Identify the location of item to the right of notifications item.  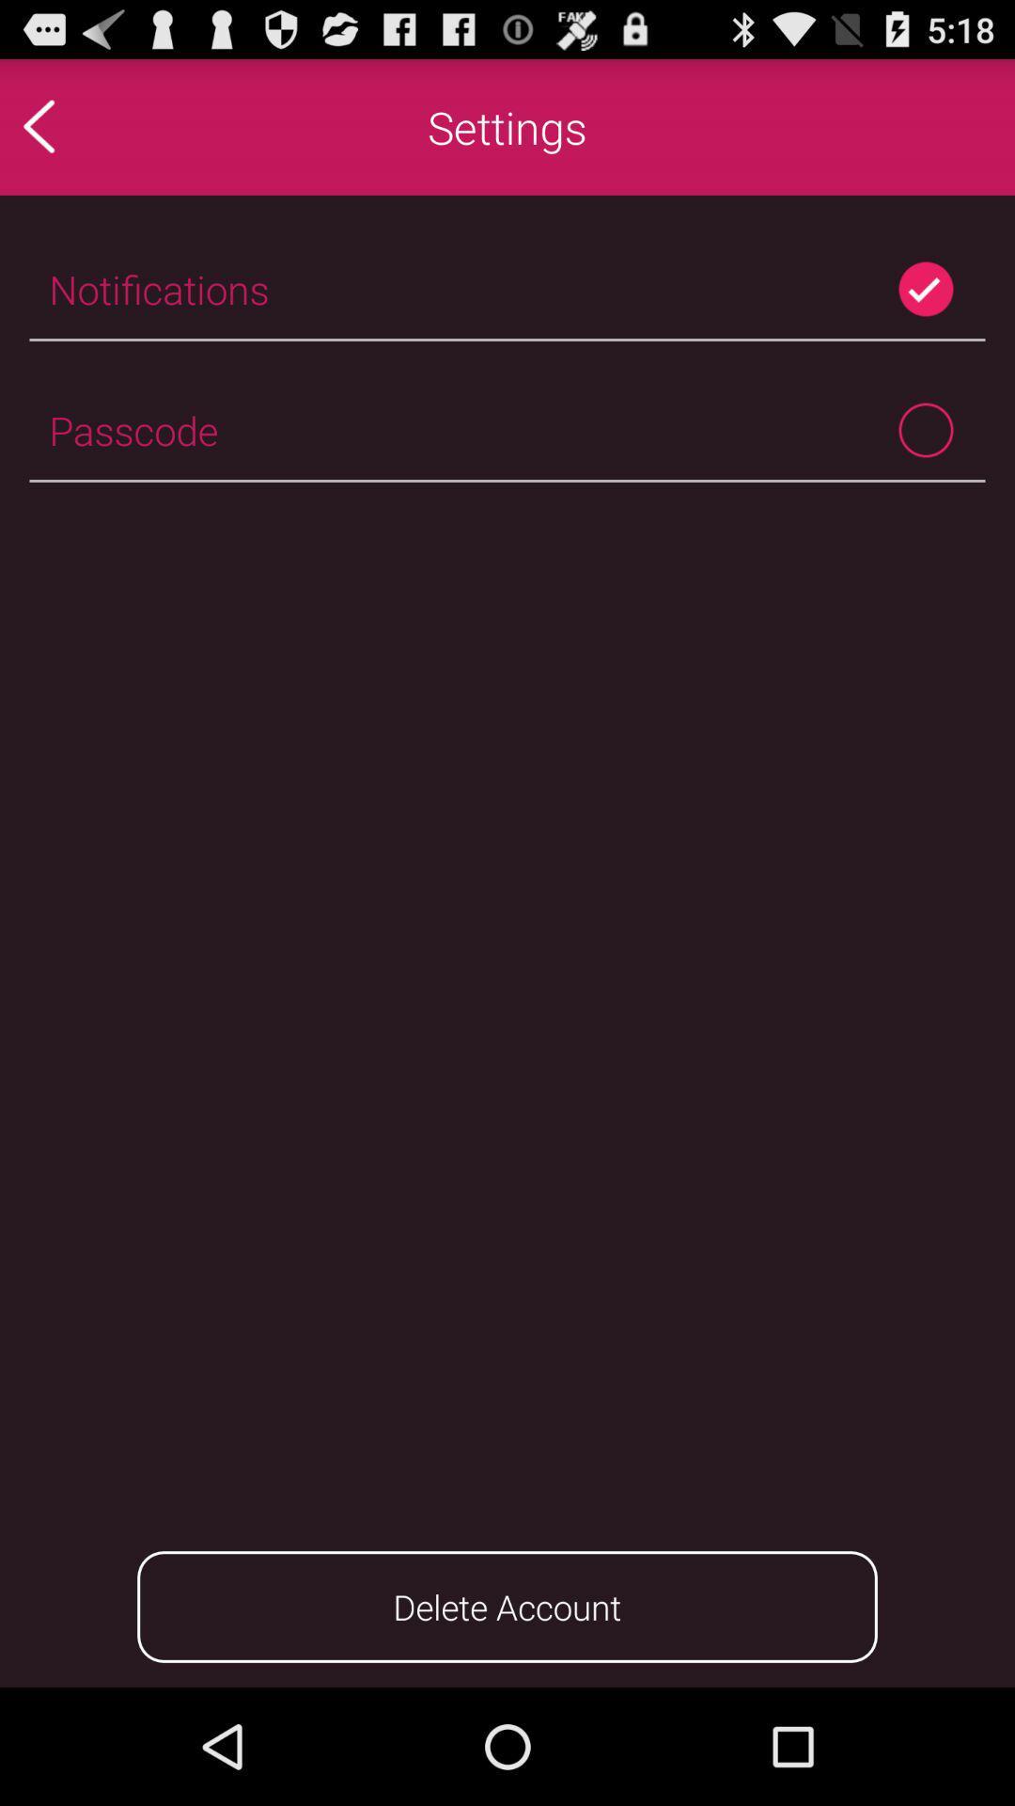
(925, 288).